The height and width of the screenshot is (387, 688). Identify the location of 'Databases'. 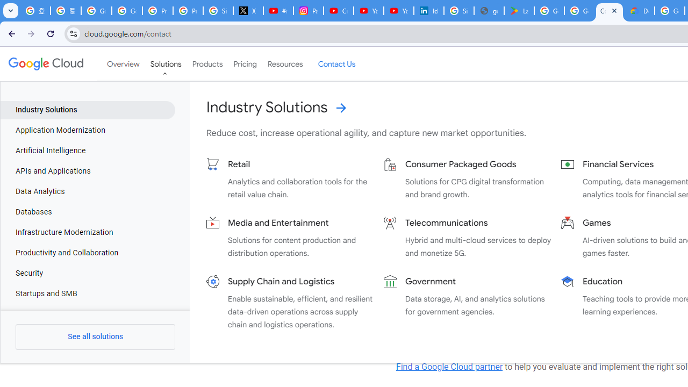
(88, 212).